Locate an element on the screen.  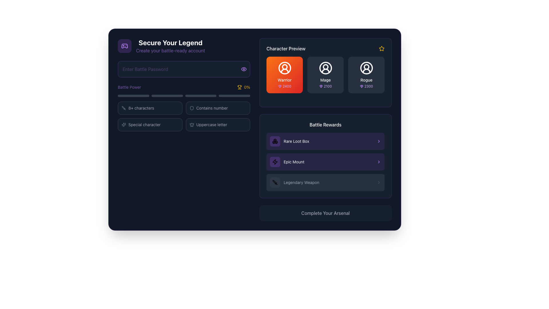
displayed attribute value of the 'Rogue' character, which is shown as a numerical text label next to the purple gem icon beneath the 'Rogue' label in the character preview box is located at coordinates (366, 86).